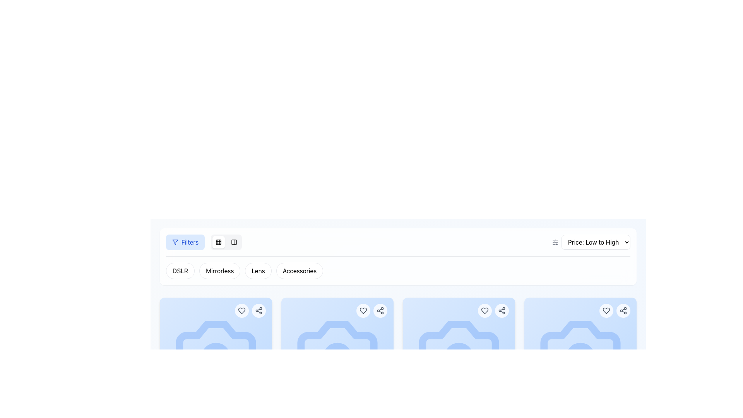 This screenshot has height=418, width=743. Describe the element at coordinates (241, 310) in the screenshot. I see `the heart icon within the rounded square button located at the top-right corner of the image preview card` at that location.